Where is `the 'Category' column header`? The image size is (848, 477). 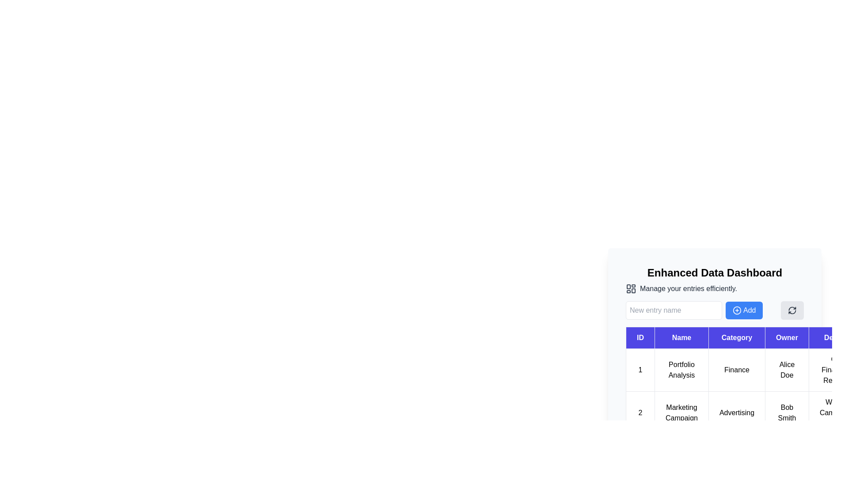
the 'Category' column header is located at coordinates (715, 329).